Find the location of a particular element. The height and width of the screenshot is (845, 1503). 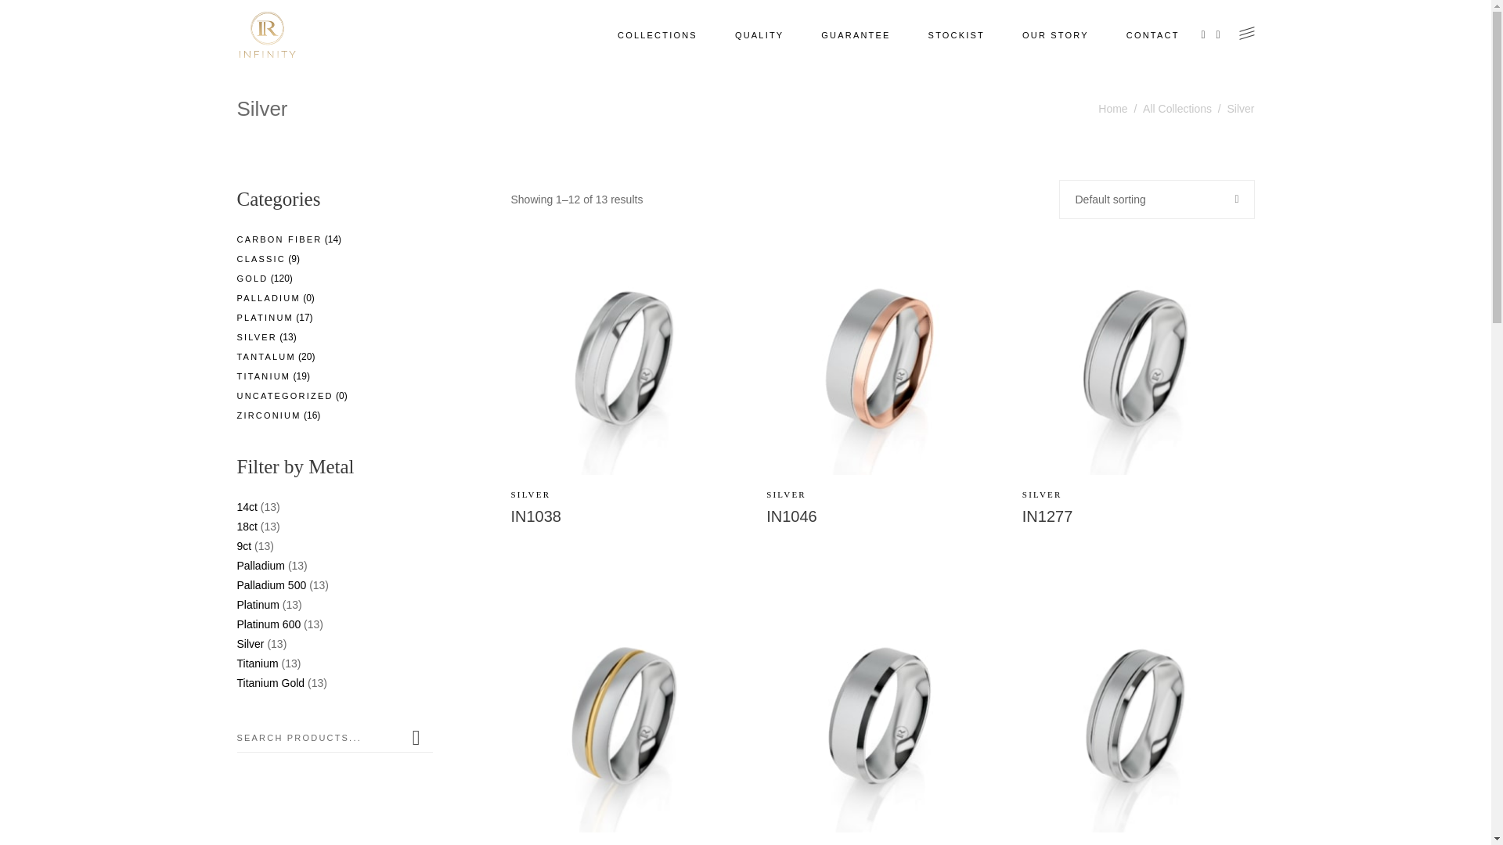

'IN1277' is located at coordinates (1047, 516).